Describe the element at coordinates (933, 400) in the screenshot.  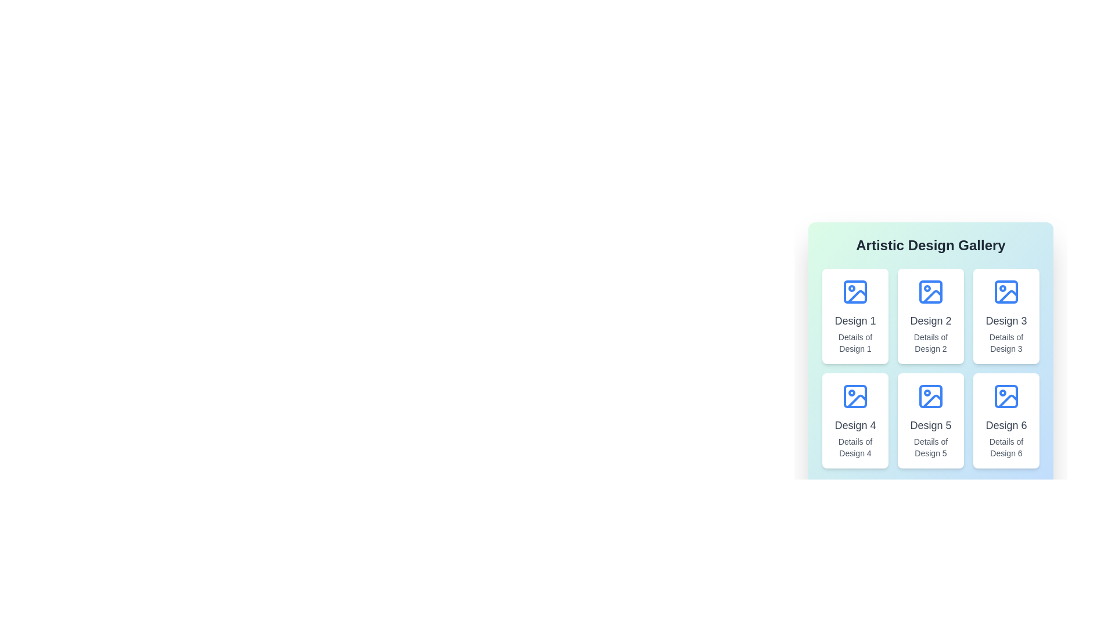
I see `the image preview icon representing Design 5 located in the bottom row, third column of a 2x3 grid layout` at that location.